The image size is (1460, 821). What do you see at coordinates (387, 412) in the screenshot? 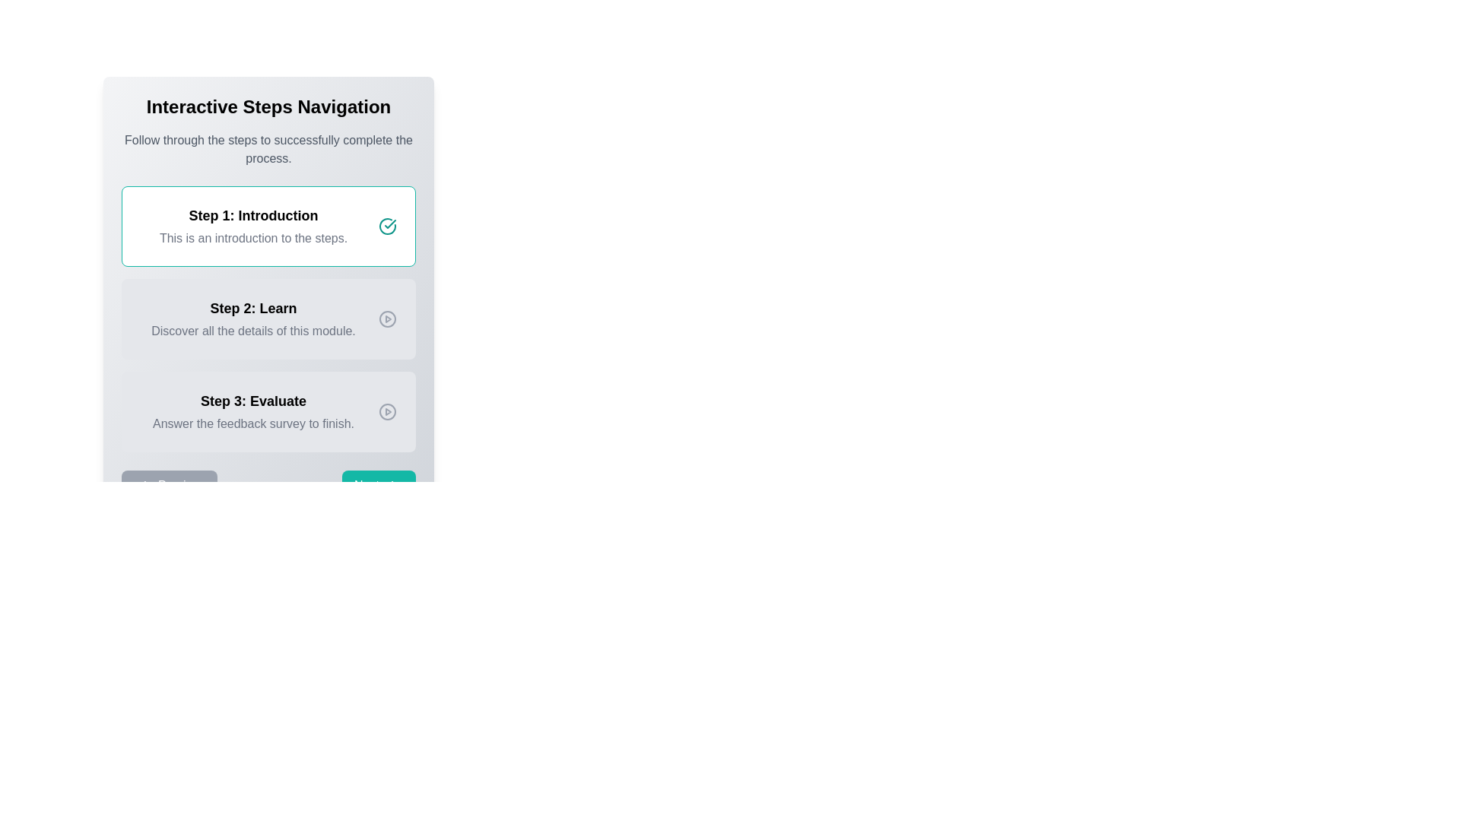
I see `the play button located in the bottom-right corner of the 'Step 3: Evaluate' section to initiate an action` at bounding box center [387, 412].